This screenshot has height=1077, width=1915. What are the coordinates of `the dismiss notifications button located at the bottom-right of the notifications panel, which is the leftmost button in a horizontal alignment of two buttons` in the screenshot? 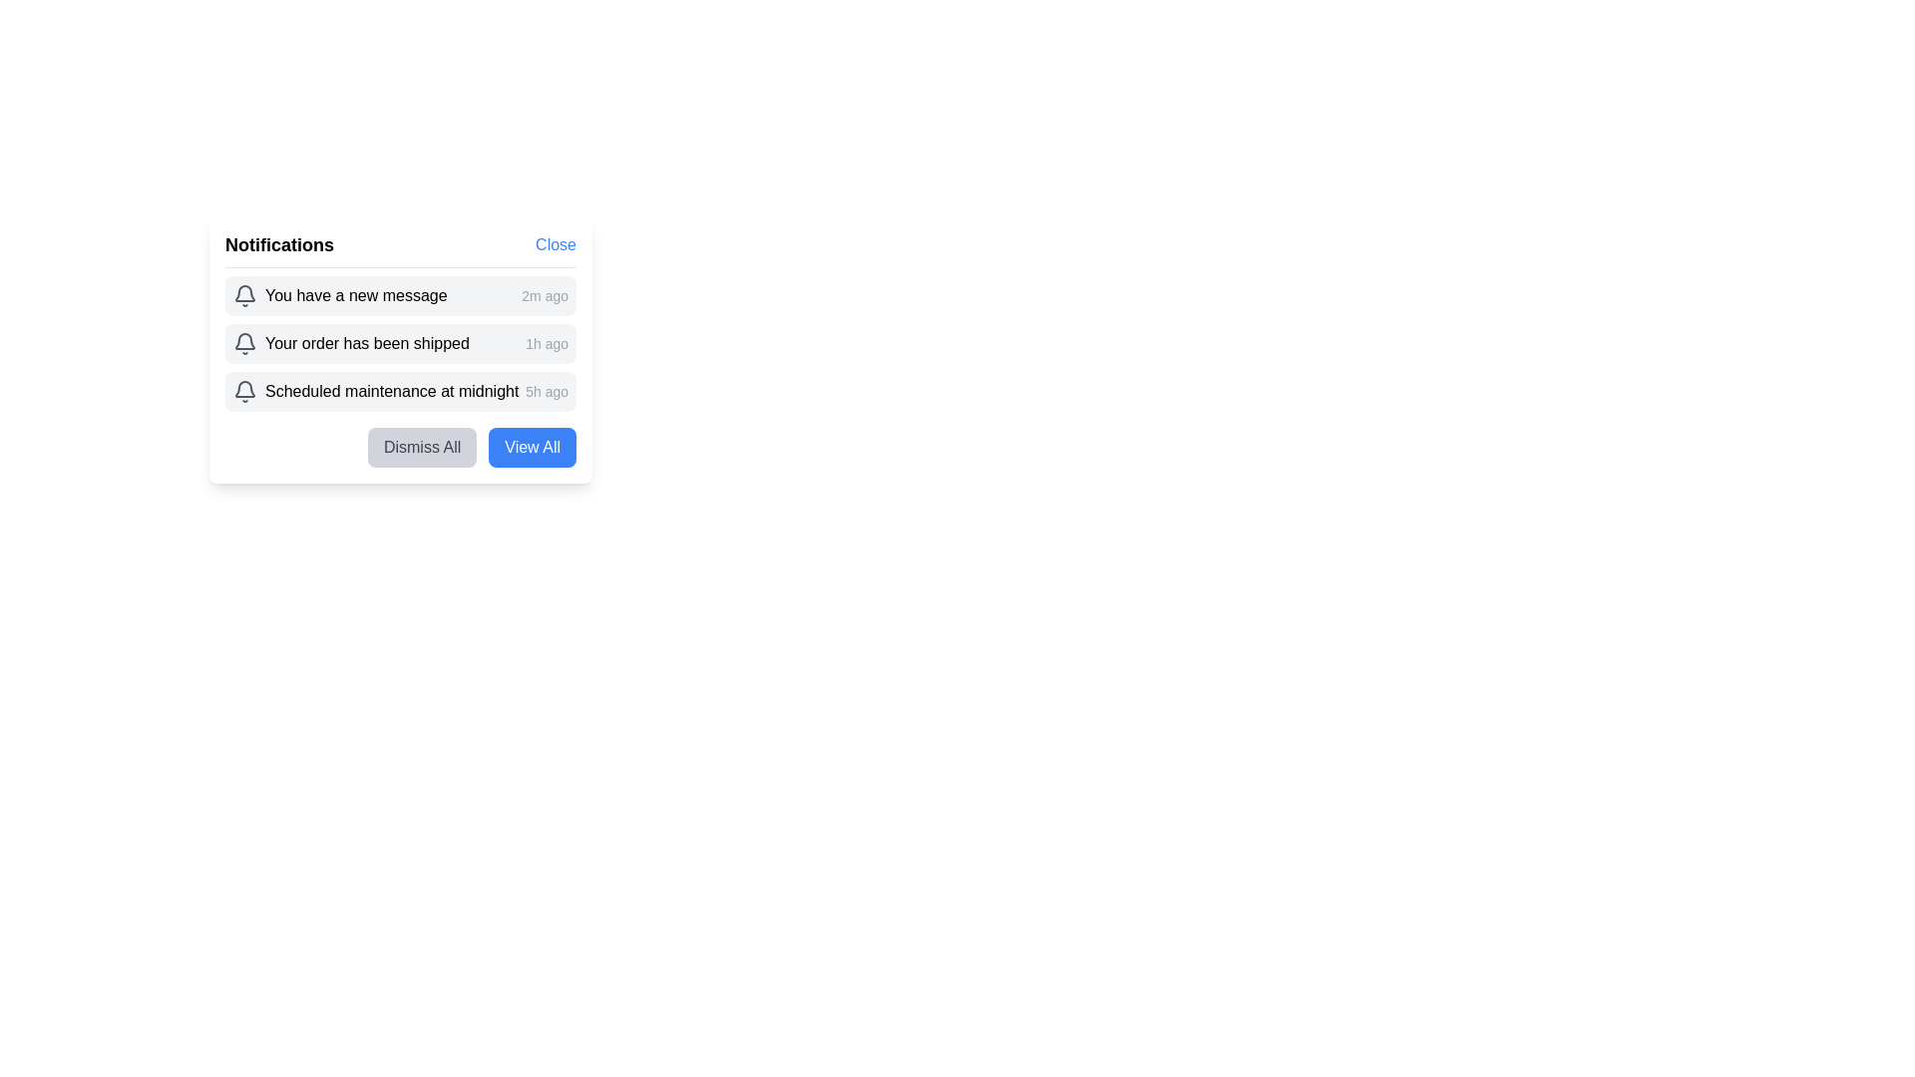 It's located at (421, 446).